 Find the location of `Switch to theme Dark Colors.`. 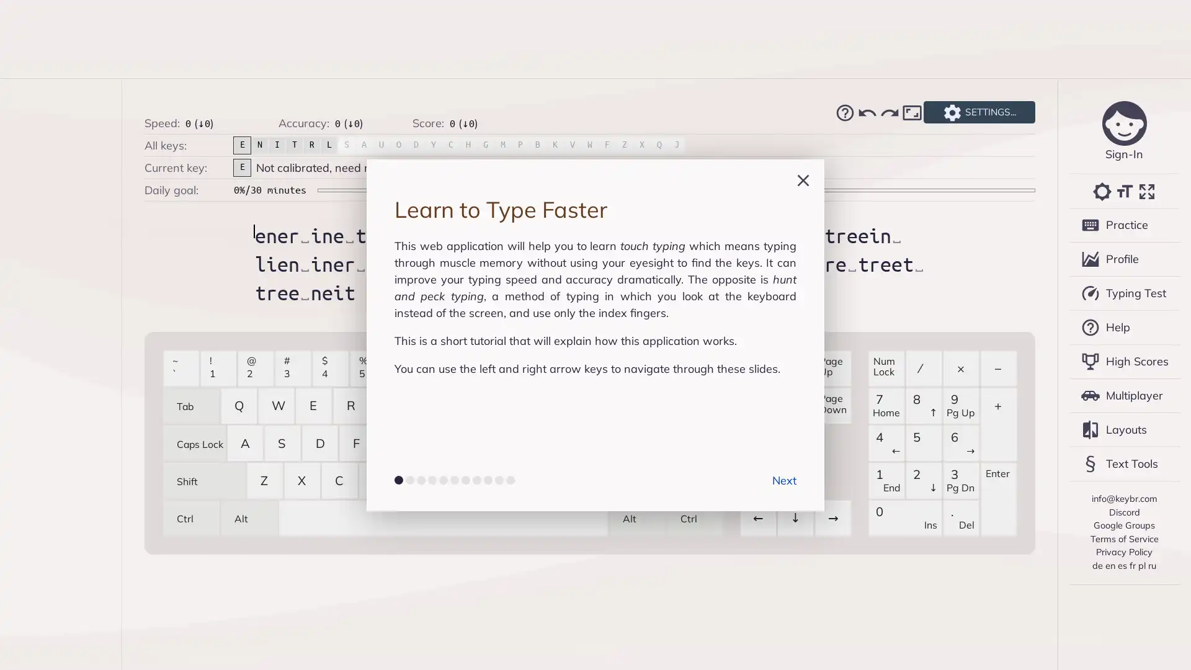

Switch to theme Dark Colors. is located at coordinates (1102, 191).